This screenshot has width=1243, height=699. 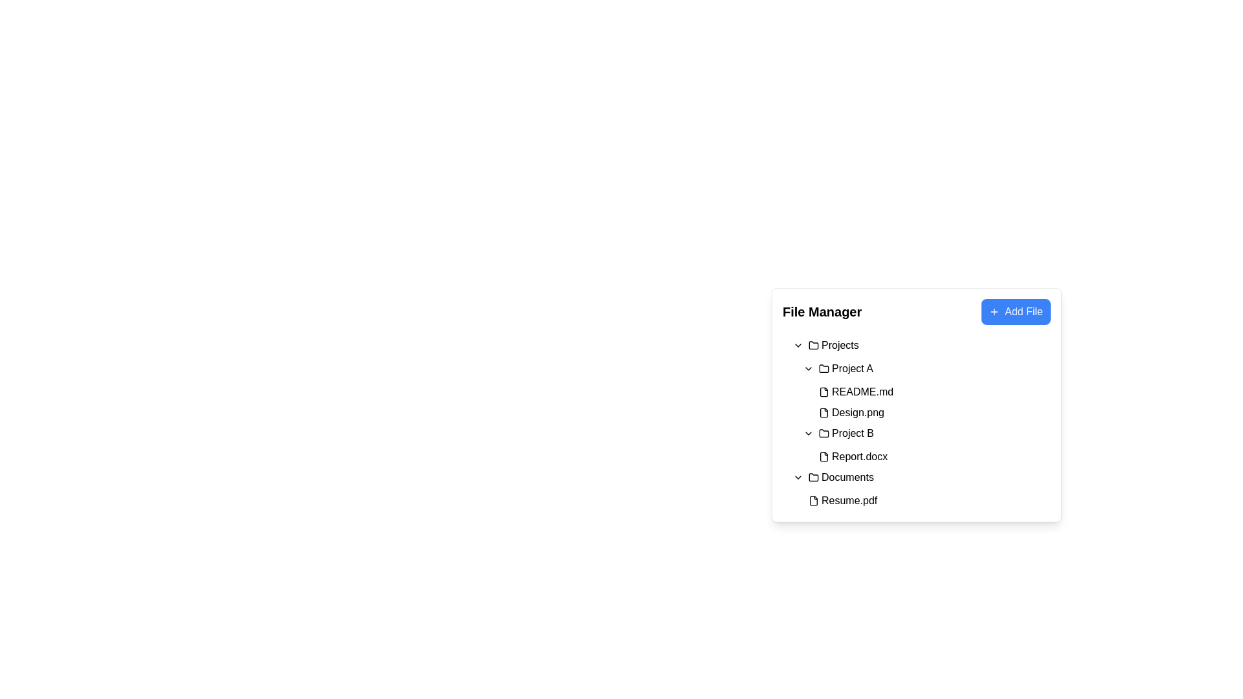 I want to click on the folder icon representing 'Project A' in the 'File Manager' interface, so click(x=823, y=368).